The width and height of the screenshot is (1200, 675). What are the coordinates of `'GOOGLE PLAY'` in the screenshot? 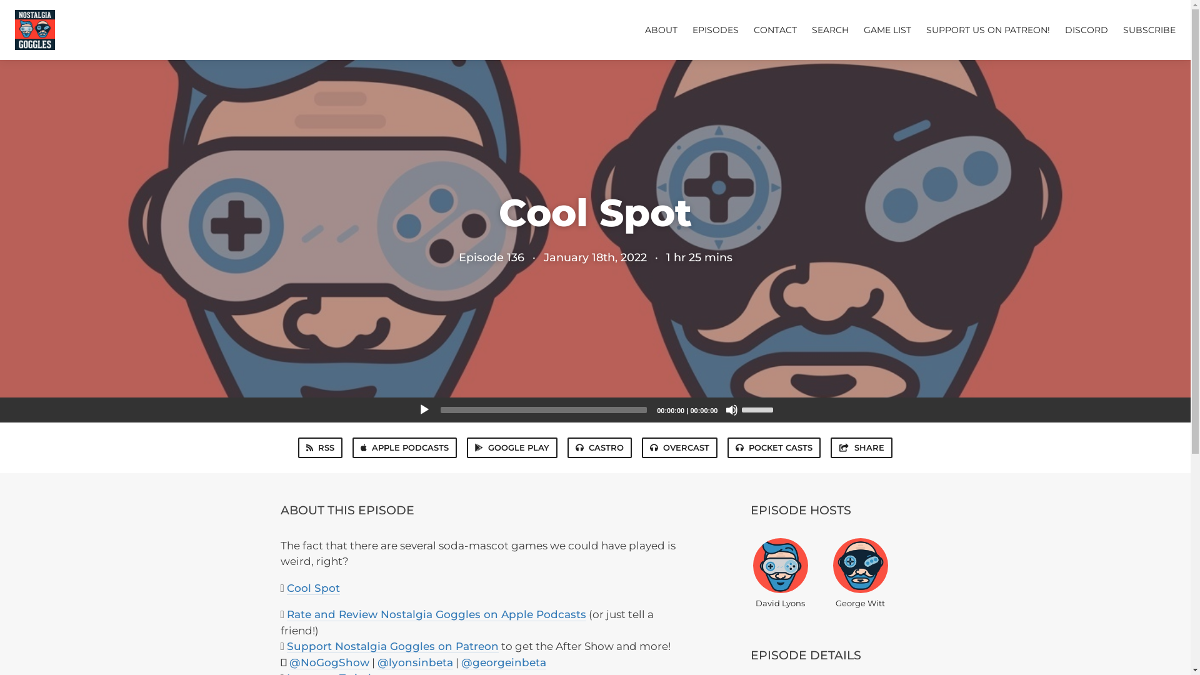 It's located at (512, 447).